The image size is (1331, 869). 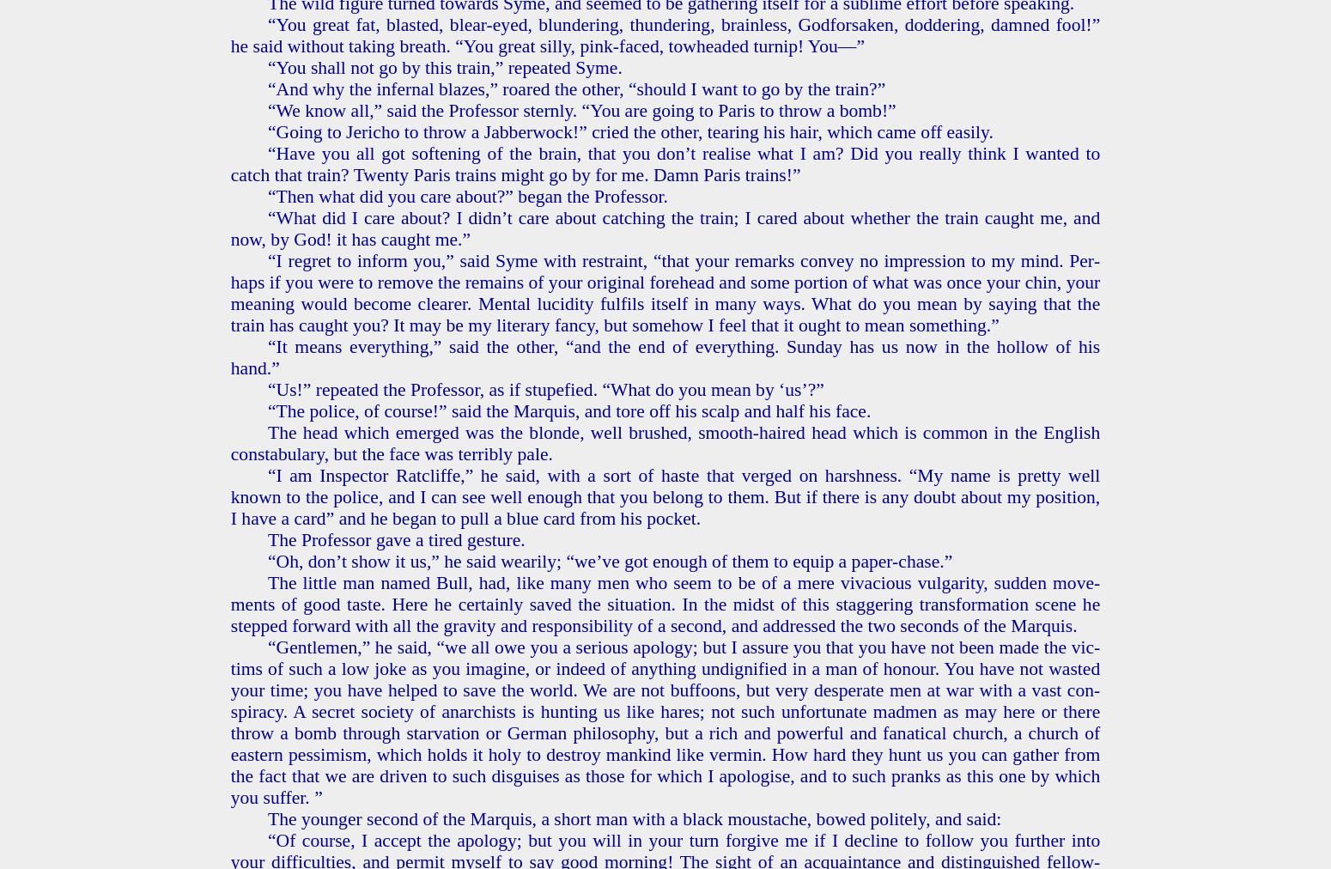 I want to click on '“Gen­tle­men,” he said, “we all owe you a se­ri­ous apol­o­gy; but I as­sure you that you have not been made the vic­tims of such a low joke as you imag­ine, or in­deed of any­thing undig­ni­fied in a man of ho­n­our. You have not wast­ed your time; you have helped to save the world. We are not buf­foons, but very des­per­ate men at war with a vast con­spir­a­cy. A se­cret so­ci­ety of an­ar­chists is hunt­ing us like hares; not such un­for­tu­nate mad­men as may here or there throw a bomb through star­va­tion or Ger­man phi­los­o­phy, but a rich and pow­er­ful and fa­nat­i­cal church, a church of east­ern pes­simism, which holds it holy to de­stroy mankind like ver­min. How hard they hunt us you can gath­er from the fact that we are dri­ven to such dis­guis­es as those for which I apol­o­gise, and to such pranks as this one by which you suf­fer. ”', so click(x=665, y=720).